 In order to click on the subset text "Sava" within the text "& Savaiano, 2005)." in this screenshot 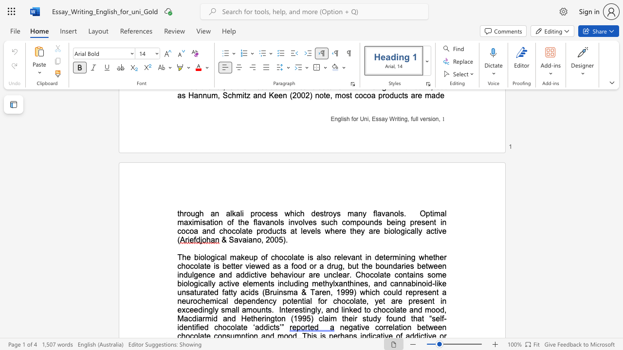, I will do `click(228, 240)`.